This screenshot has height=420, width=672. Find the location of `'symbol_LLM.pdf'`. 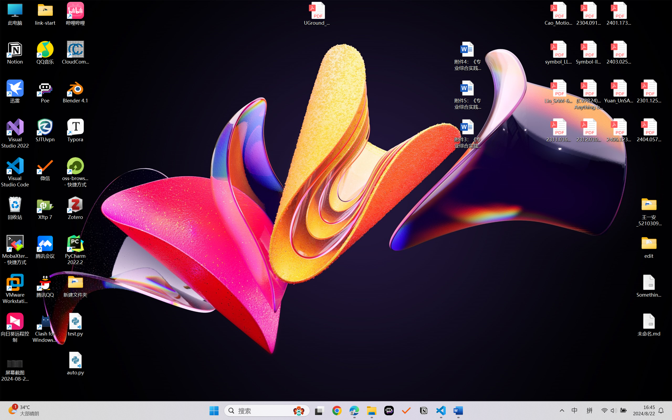

'symbol_LLM.pdf' is located at coordinates (558, 53).